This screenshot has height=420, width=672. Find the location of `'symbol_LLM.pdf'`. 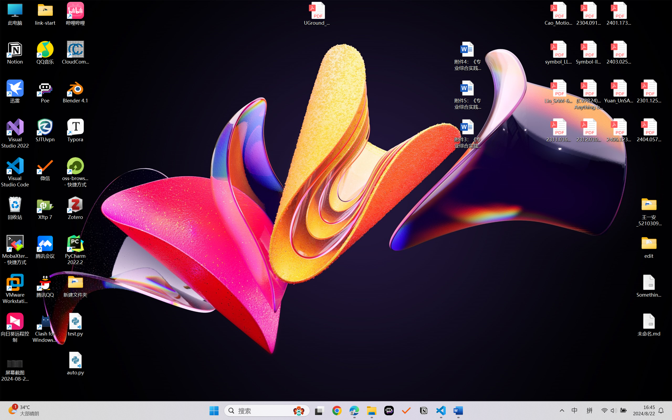

'symbol_LLM.pdf' is located at coordinates (558, 53).